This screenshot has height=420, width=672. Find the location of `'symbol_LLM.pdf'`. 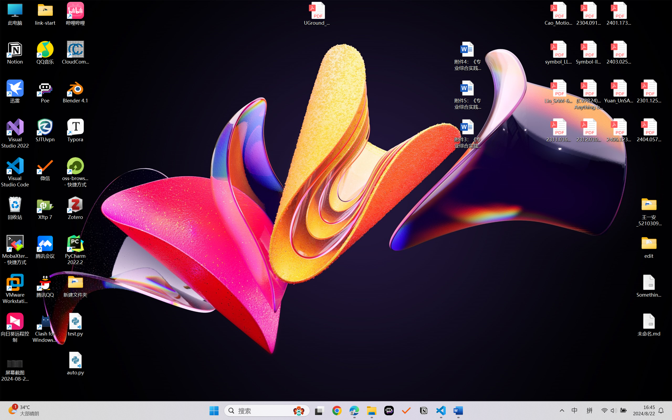

'symbol_LLM.pdf' is located at coordinates (558, 53).